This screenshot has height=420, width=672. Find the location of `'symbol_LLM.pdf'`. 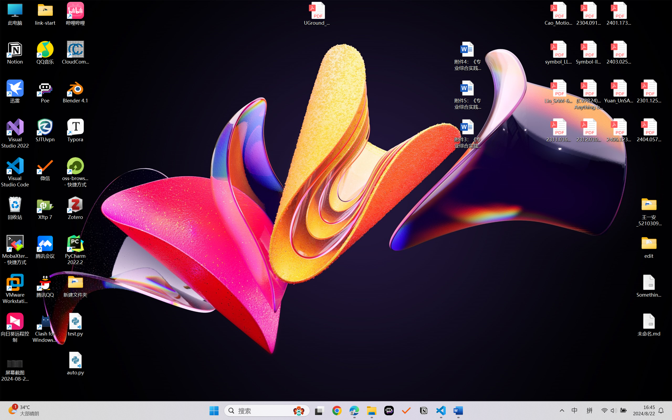

'symbol_LLM.pdf' is located at coordinates (558, 53).